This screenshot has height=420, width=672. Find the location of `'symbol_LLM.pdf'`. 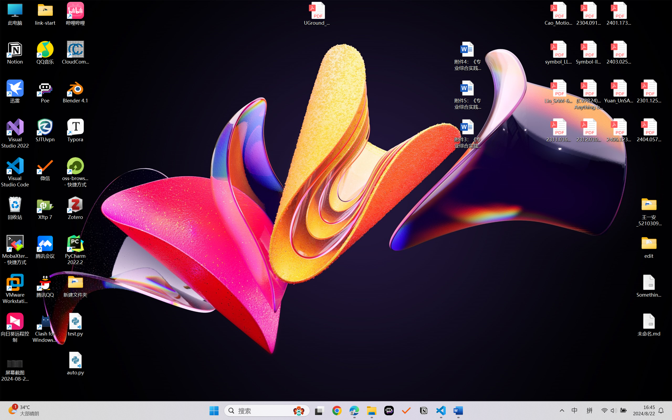

'symbol_LLM.pdf' is located at coordinates (558, 53).